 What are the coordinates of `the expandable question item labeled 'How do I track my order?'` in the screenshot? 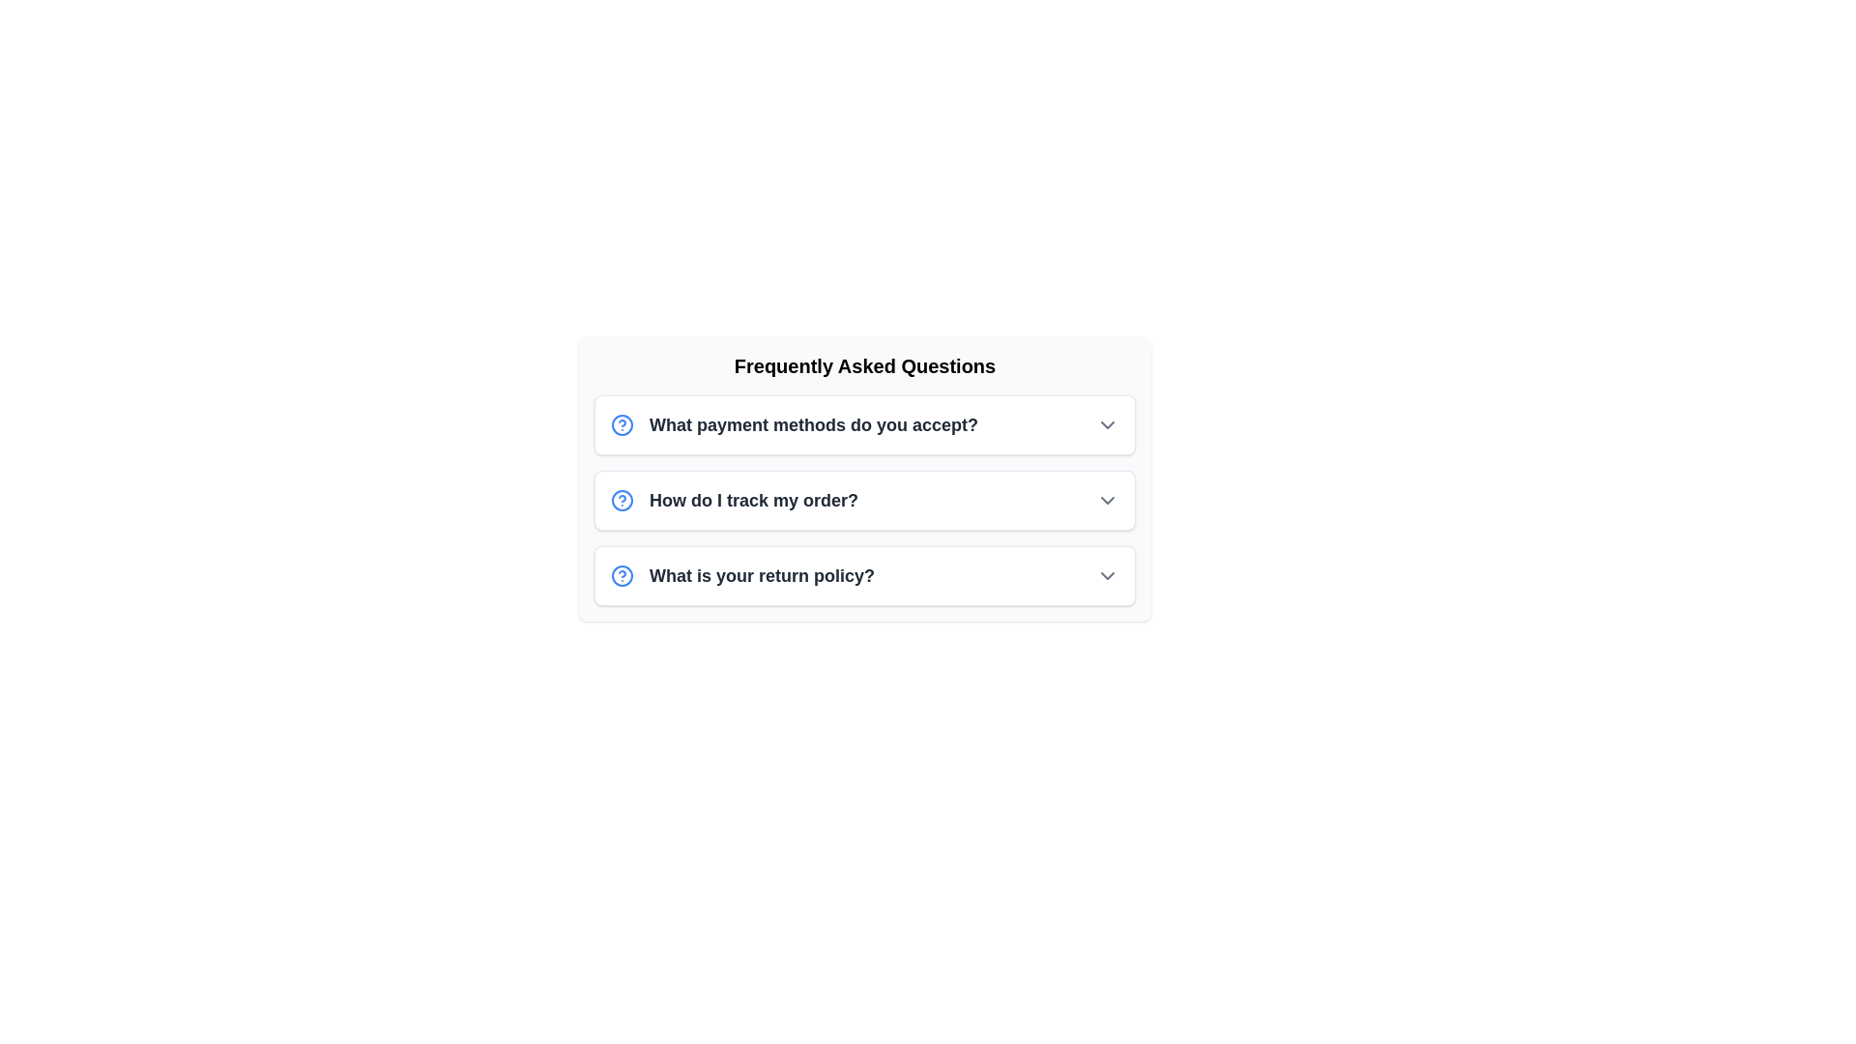 It's located at (733, 499).